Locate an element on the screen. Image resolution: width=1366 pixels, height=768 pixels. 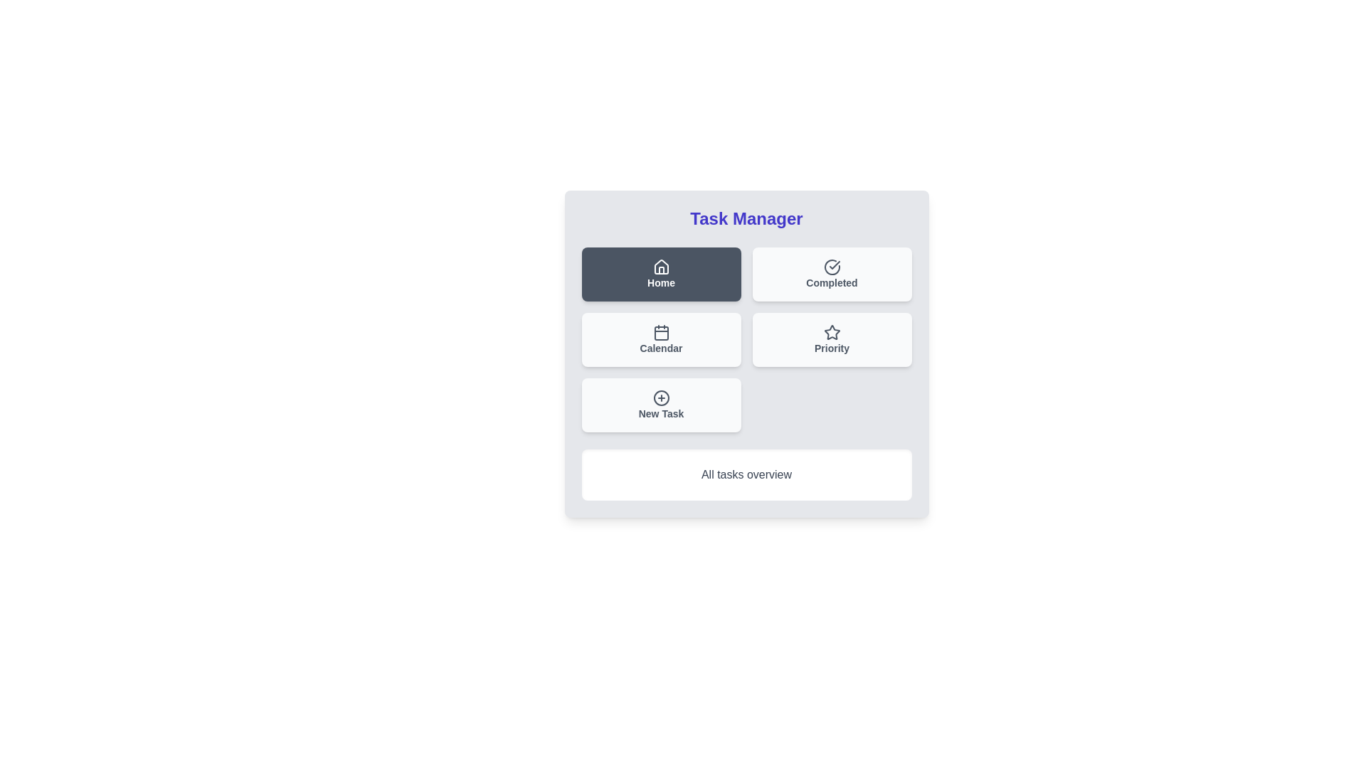
the filled rectangular section of the calendar icon located under the label 'Calendar' is located at coordinates (660, 334).